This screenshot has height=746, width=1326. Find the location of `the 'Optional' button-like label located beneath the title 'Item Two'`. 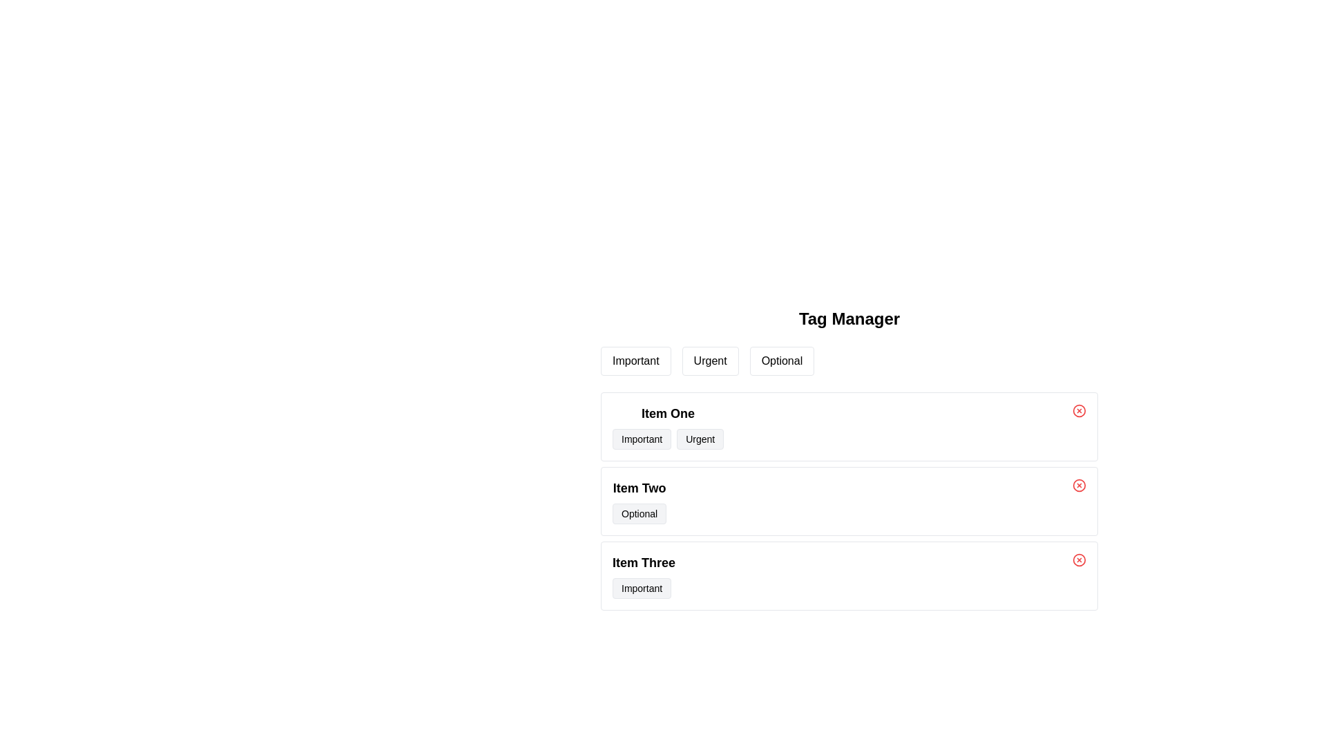

the 'Optional' button-like label located beneath the title 'Item Two' is located at coordinates (639, 514).